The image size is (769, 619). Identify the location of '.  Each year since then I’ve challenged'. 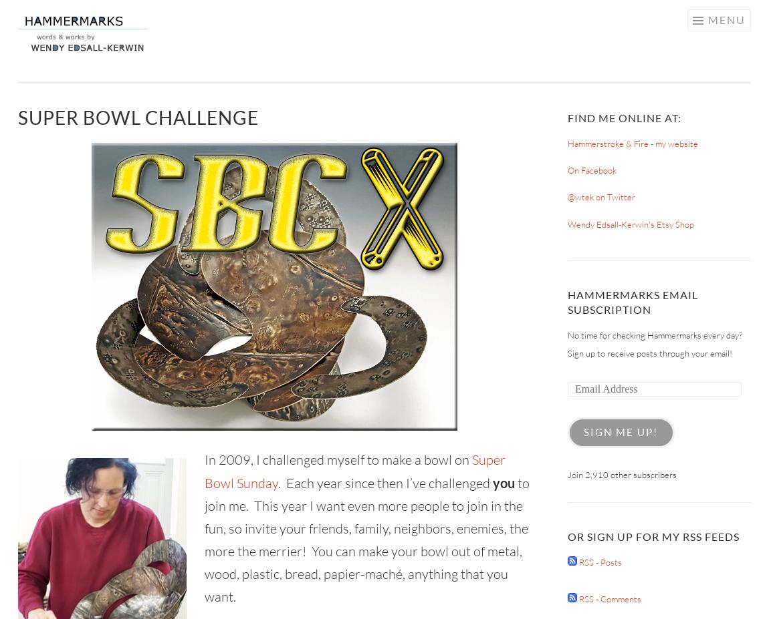
(278, 482).